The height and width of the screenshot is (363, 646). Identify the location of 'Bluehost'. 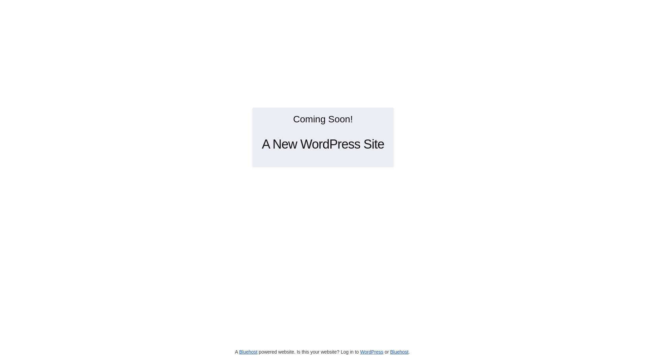
(399, 351).